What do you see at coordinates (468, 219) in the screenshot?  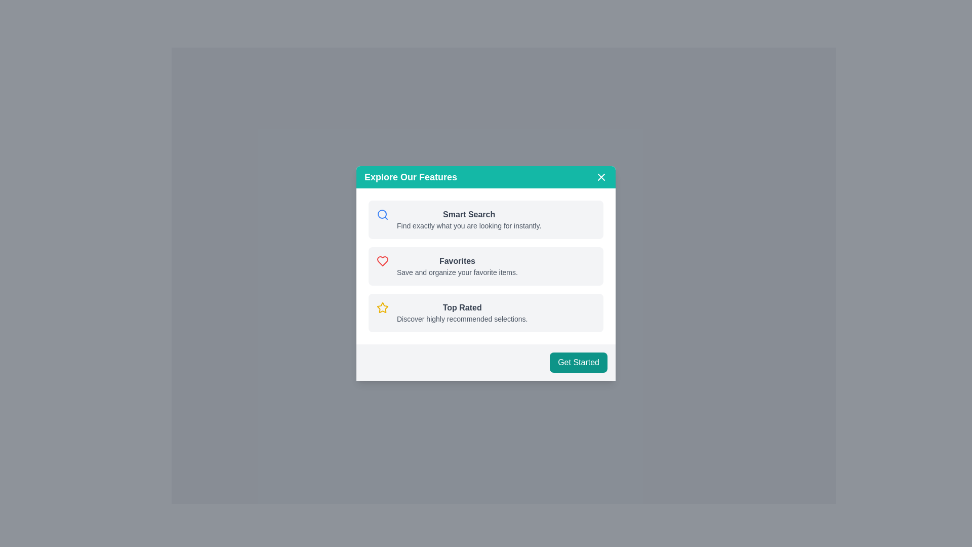 I see `the text block titled 'Smart Search' which contains the subtitle 'Find exactly what you are looking for instantly'. This block is located below a magnifying glass icon in a vertical list` at bounding box center [468, 219].